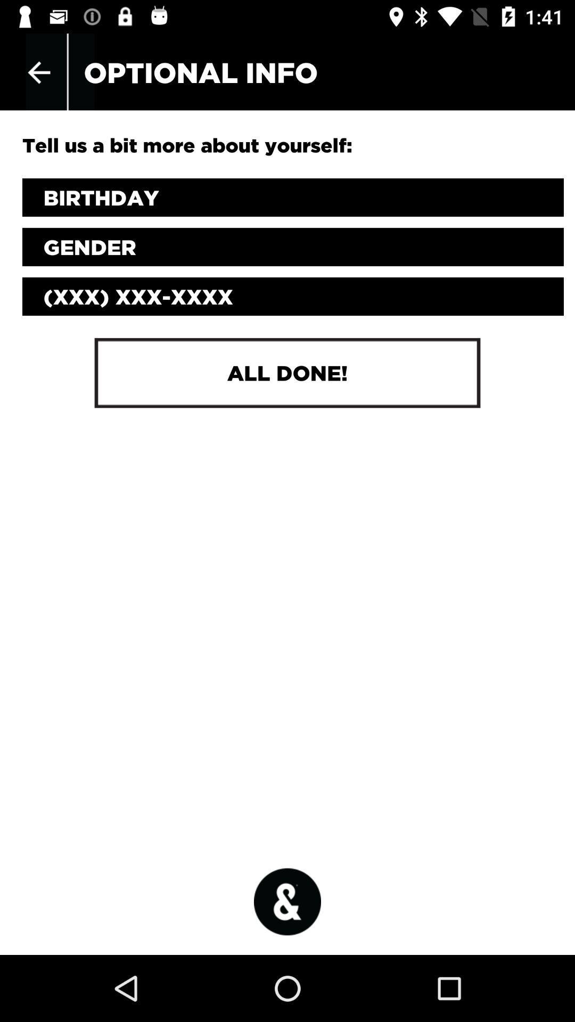  Describe the element at coordinates (293, 197) in the screenshot. I see `your birthday` at that location.